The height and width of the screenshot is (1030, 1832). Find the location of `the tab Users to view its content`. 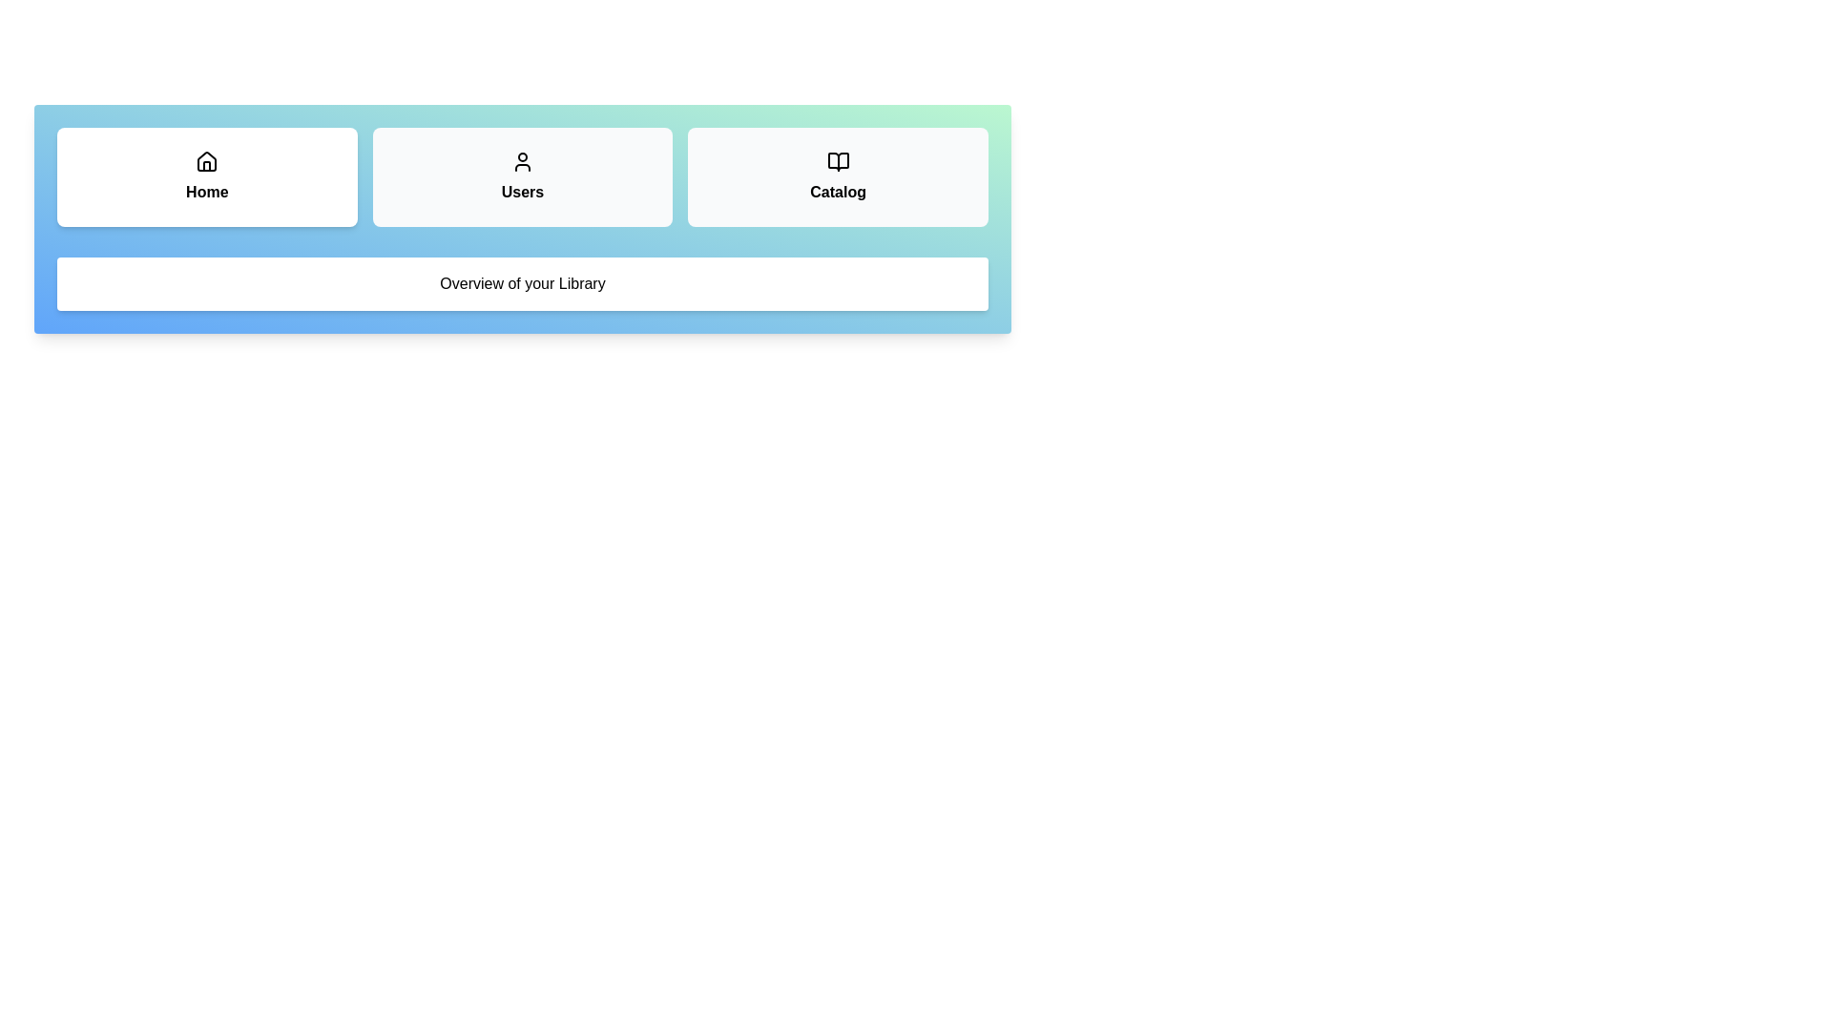

the tab Users to view its content is located at coordinates (522, 176).